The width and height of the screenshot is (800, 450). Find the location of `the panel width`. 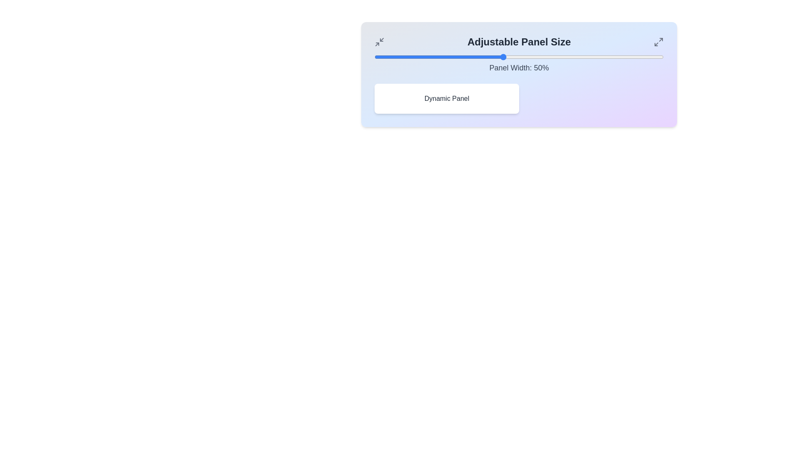

the panel width is located at coordinates (445, 57).